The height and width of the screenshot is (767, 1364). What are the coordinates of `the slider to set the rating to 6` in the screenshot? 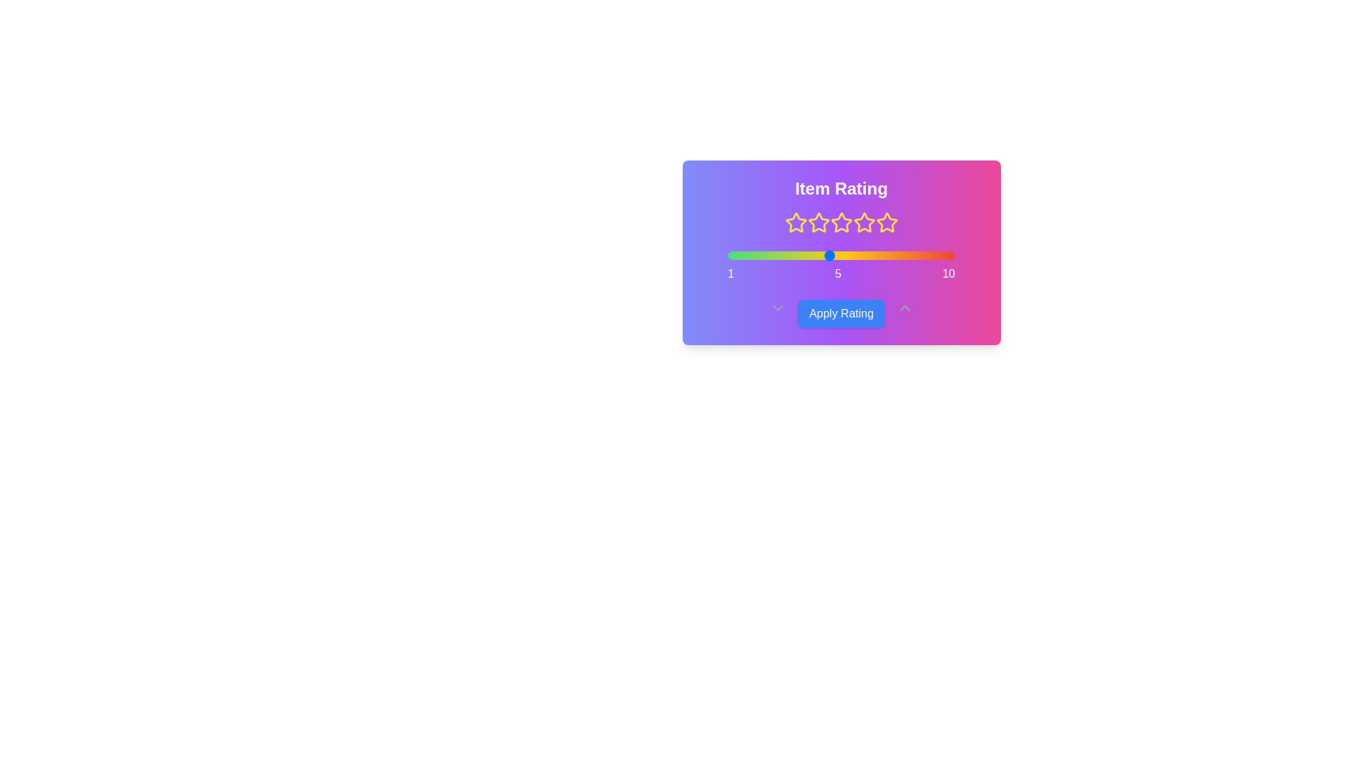 It's located at (853, 254).